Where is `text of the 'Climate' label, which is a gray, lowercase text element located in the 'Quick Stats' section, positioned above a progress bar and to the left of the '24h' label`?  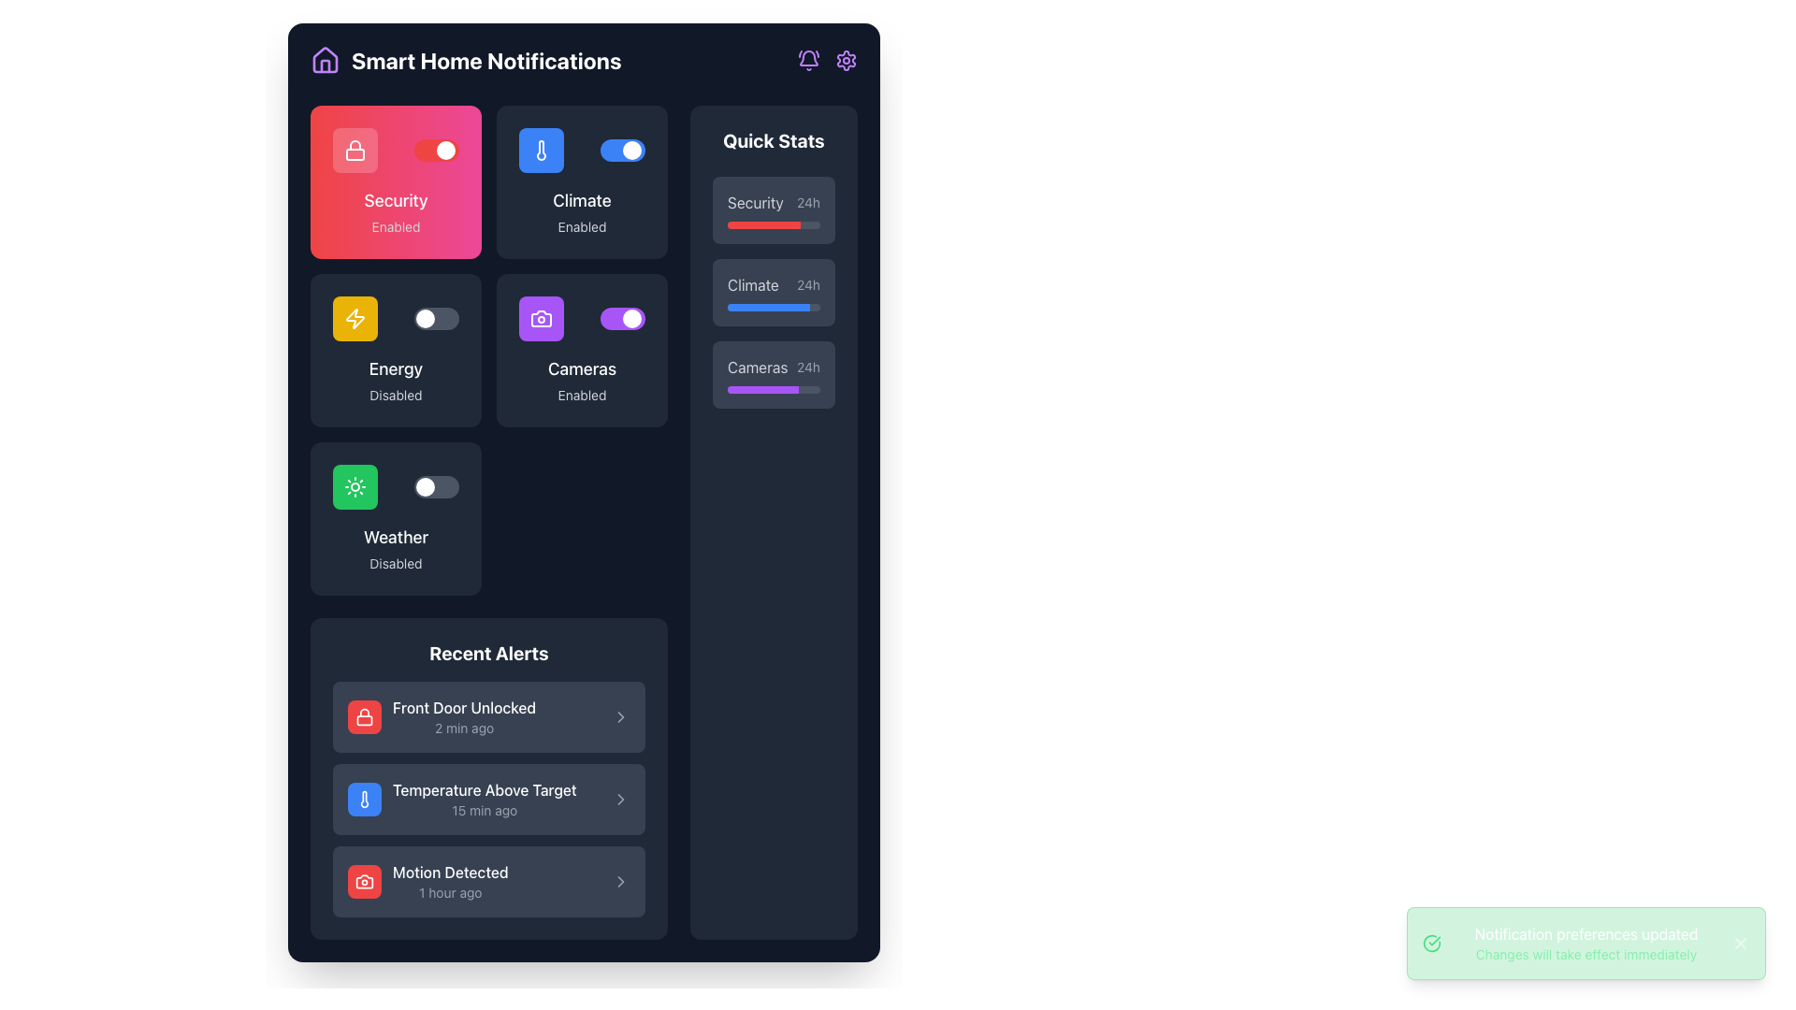
text of the 'Climate' label, which is a gray, lowercase text element located in the 'Quick Stats' section, positioned above a progress bar and to the left of the '24h' label is located at coordinates (753, 284).